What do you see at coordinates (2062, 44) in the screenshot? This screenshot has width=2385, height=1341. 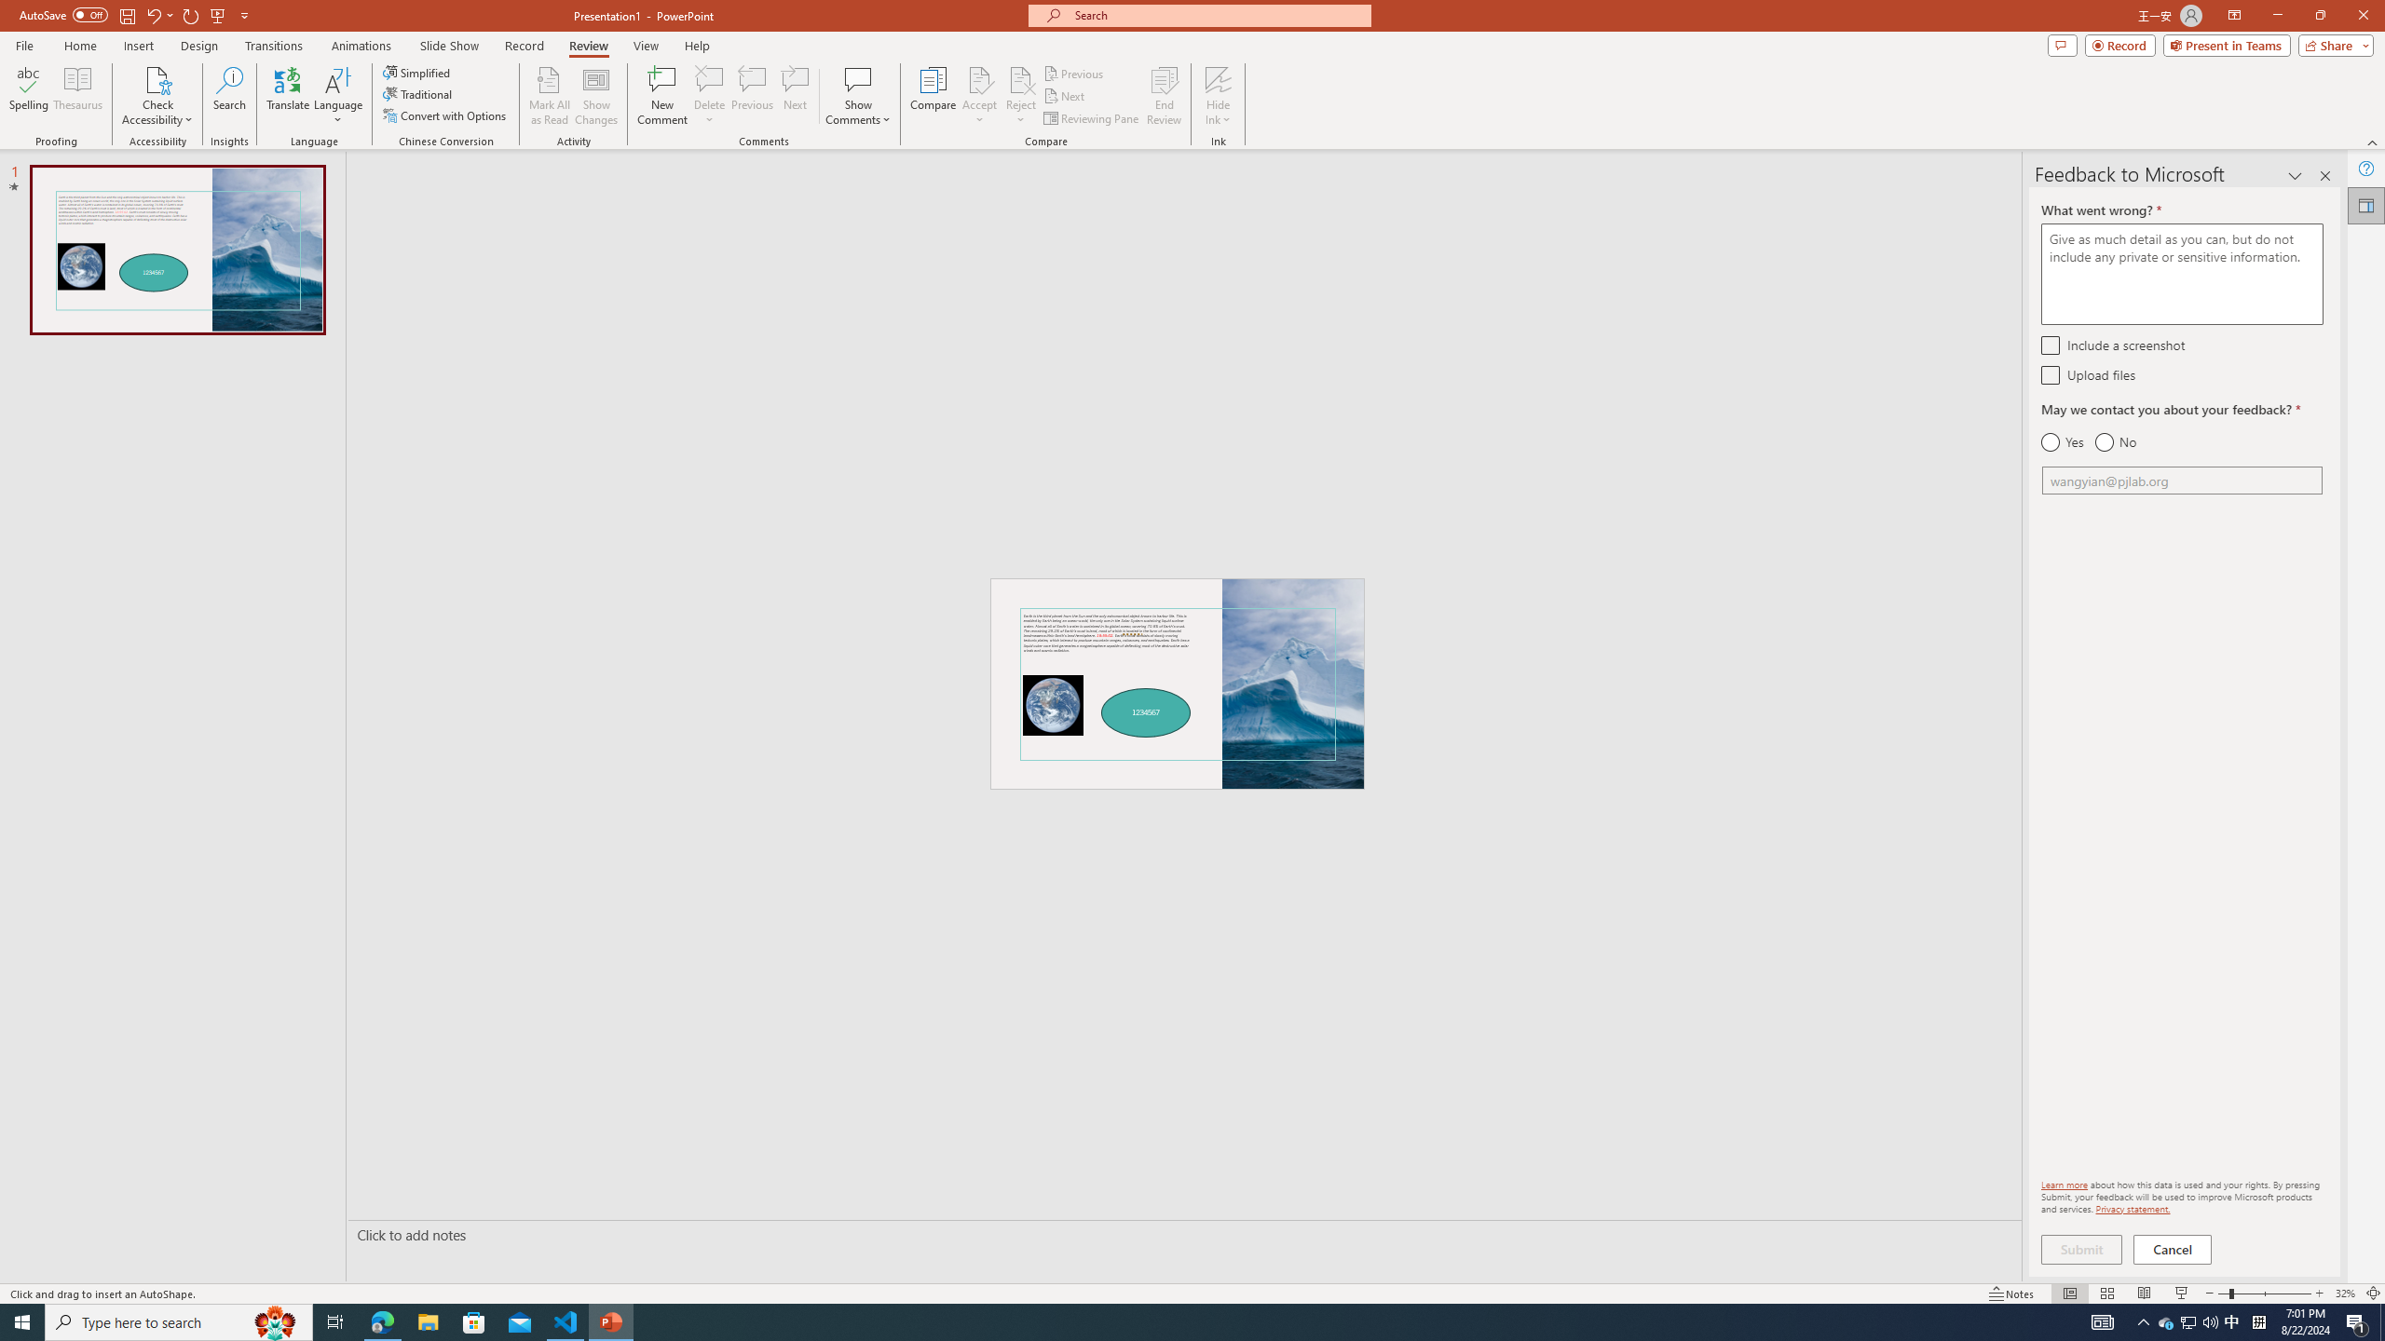 I see `'Comments'` at bounding box center [2062, 44].